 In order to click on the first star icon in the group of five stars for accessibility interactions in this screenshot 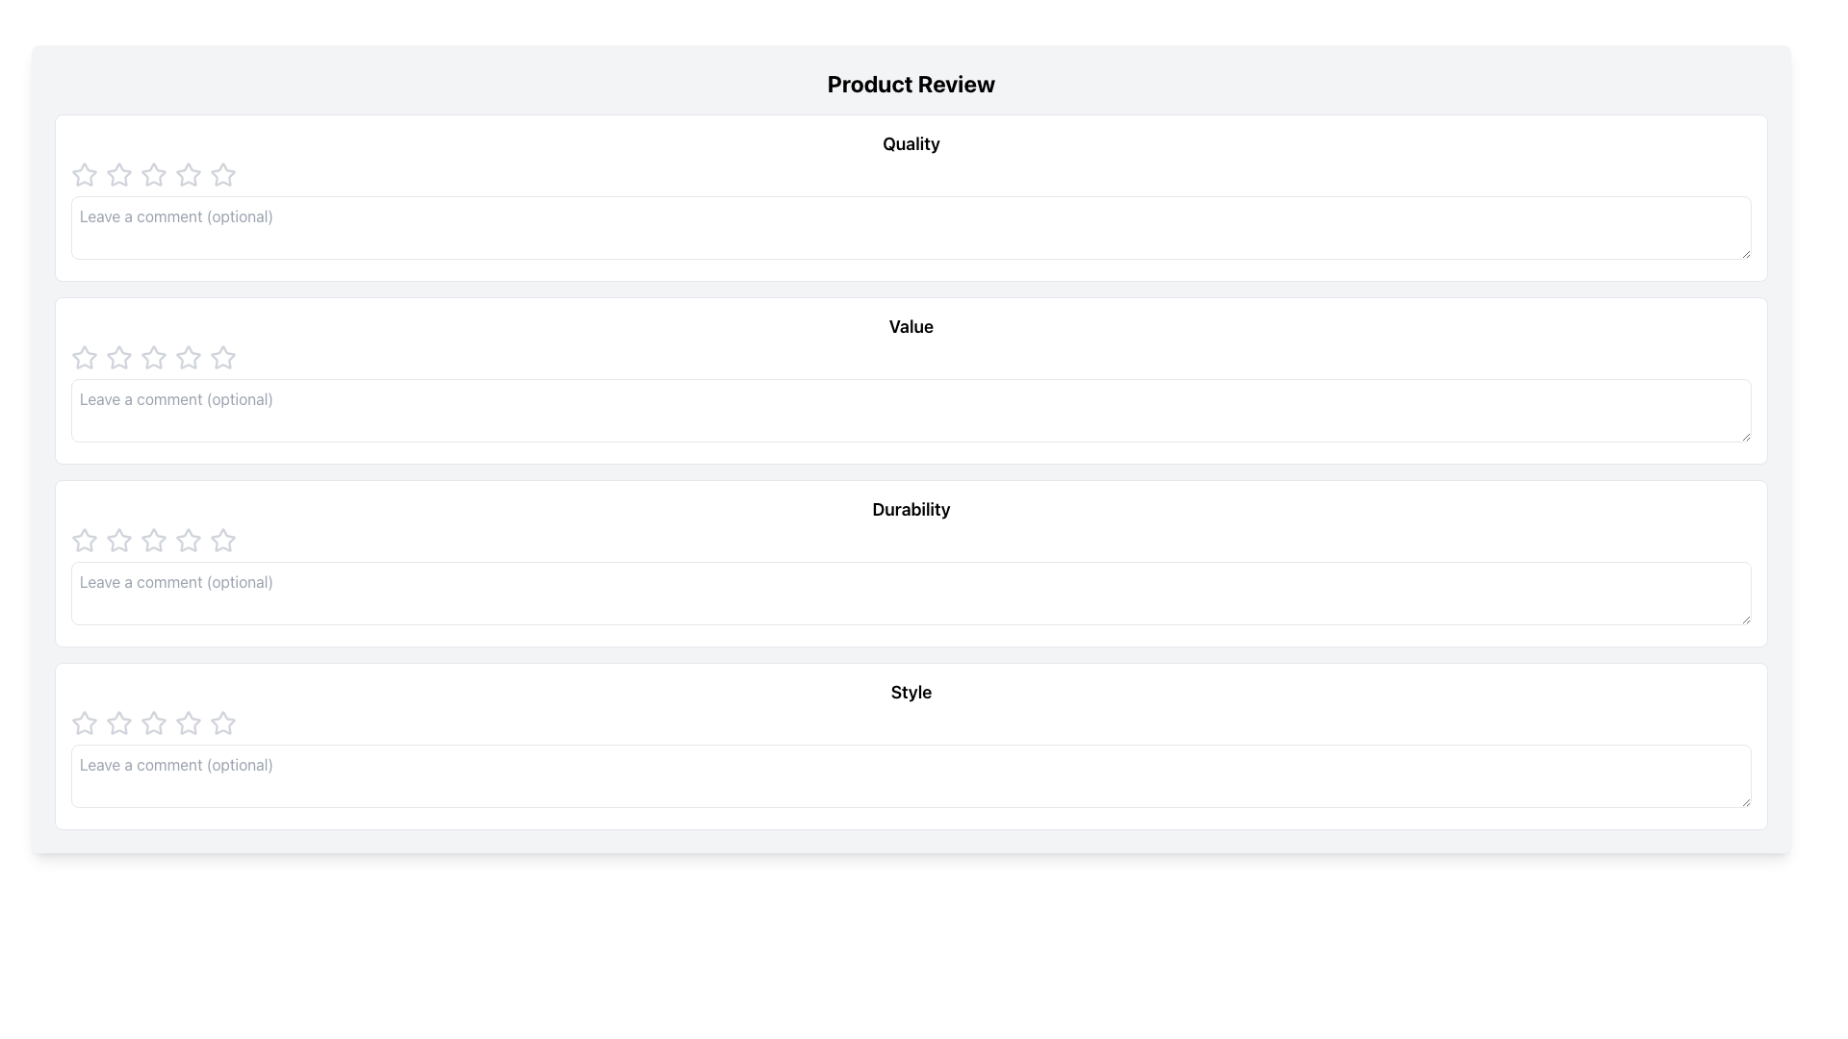, I will do `click(118, 174)`.